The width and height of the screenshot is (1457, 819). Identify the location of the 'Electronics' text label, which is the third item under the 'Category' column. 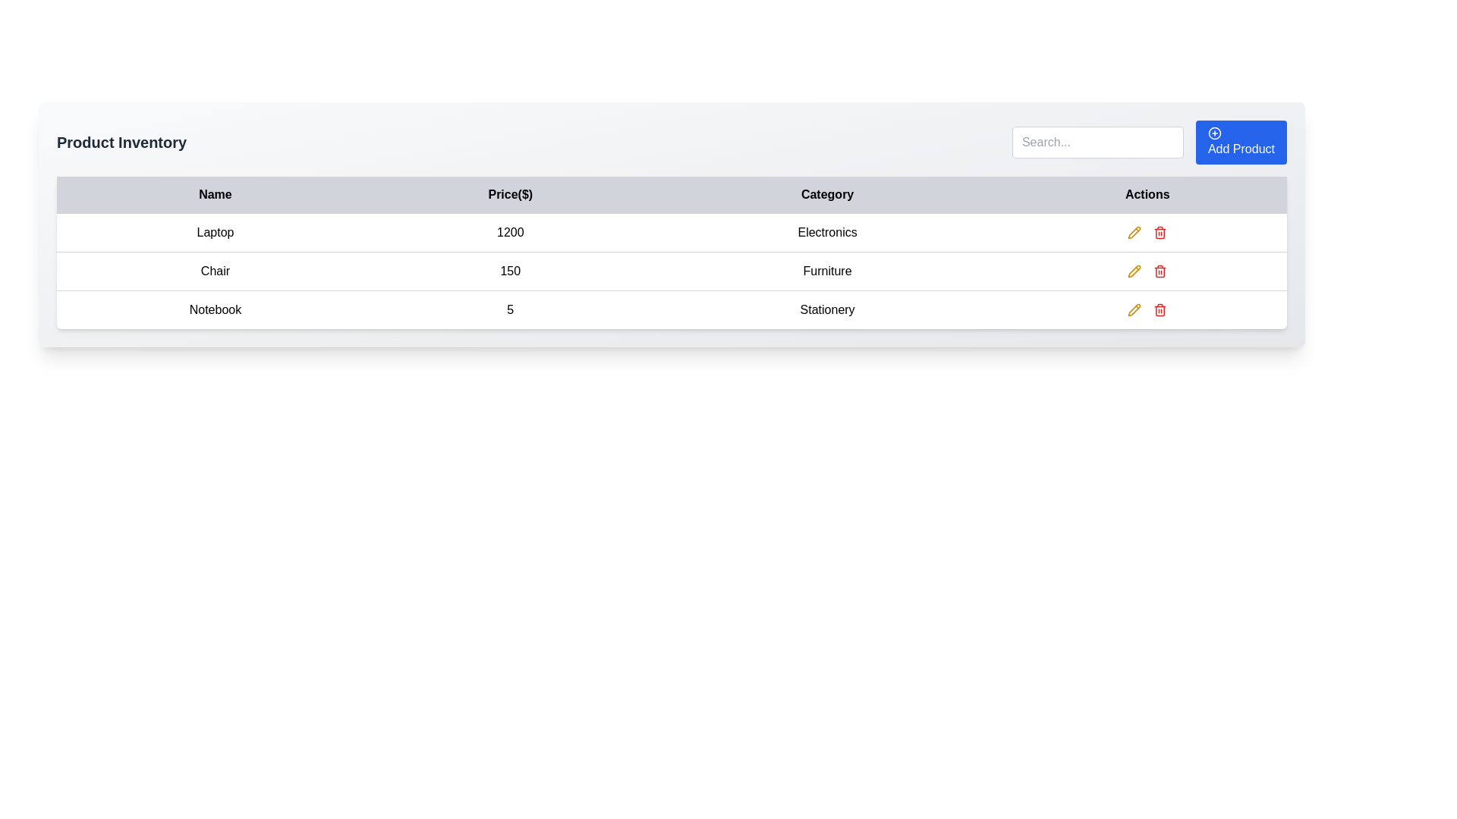
(826, 233).